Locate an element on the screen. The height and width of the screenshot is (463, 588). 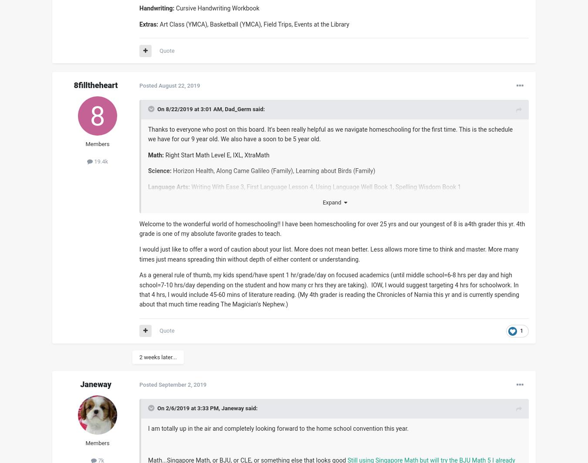
'Expand' is located at coordinates (333, 201).